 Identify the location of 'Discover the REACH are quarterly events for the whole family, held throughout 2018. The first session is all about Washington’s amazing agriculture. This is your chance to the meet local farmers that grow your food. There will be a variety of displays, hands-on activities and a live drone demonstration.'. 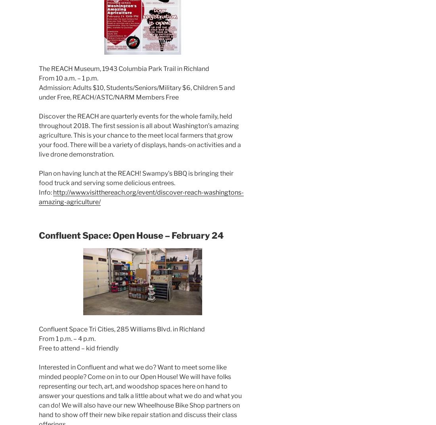
(140, 135).